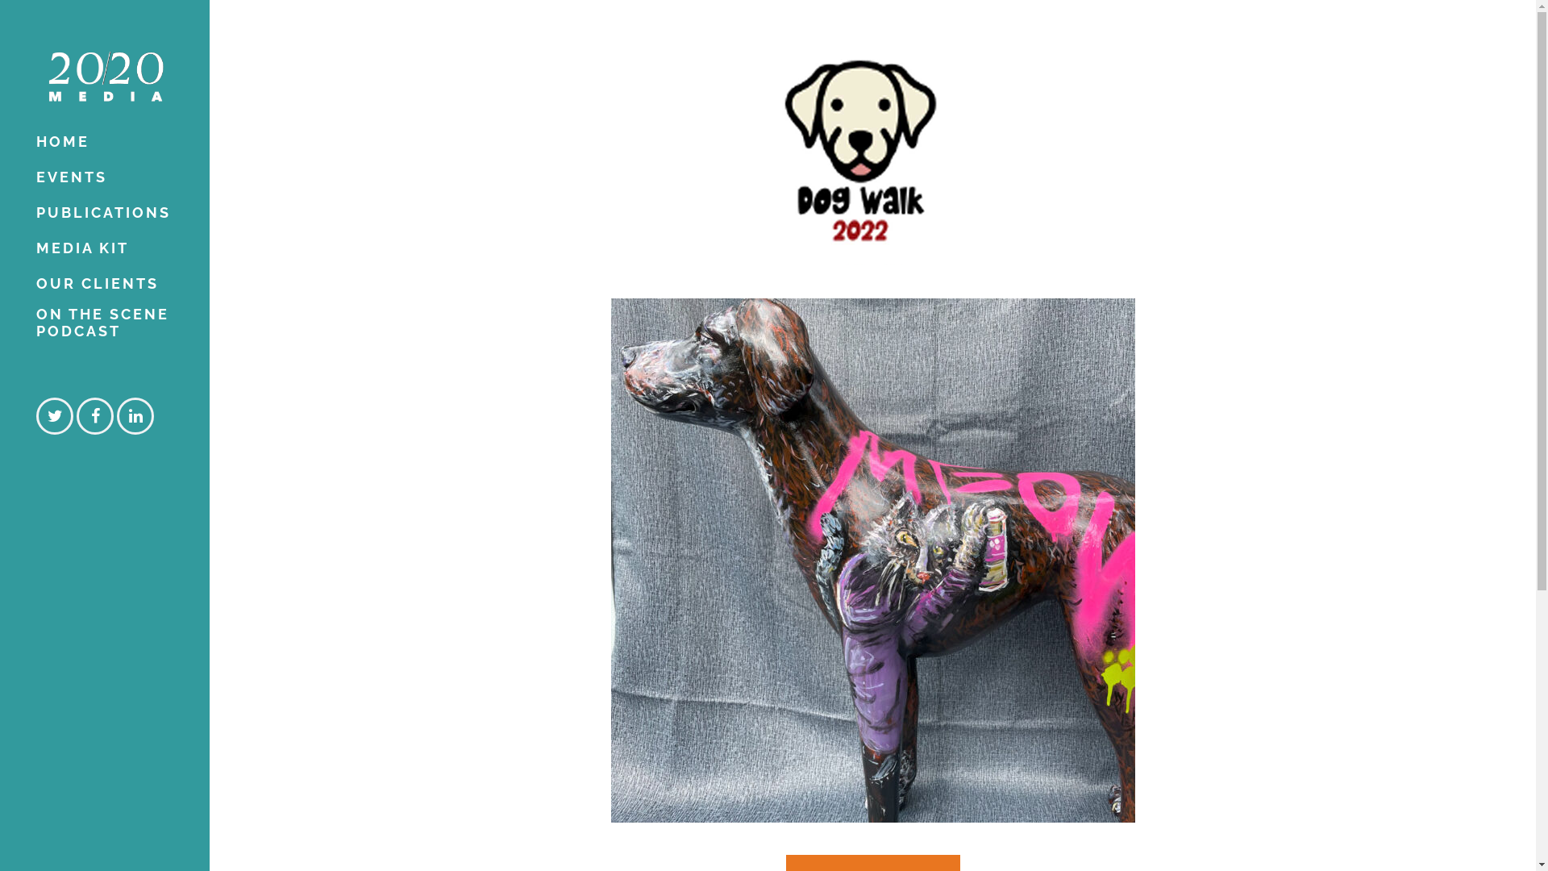 The width and height of the screenshot is (1548, 871). I want to click on 'ON THE SCENE PODCAST', so click(103, 325).